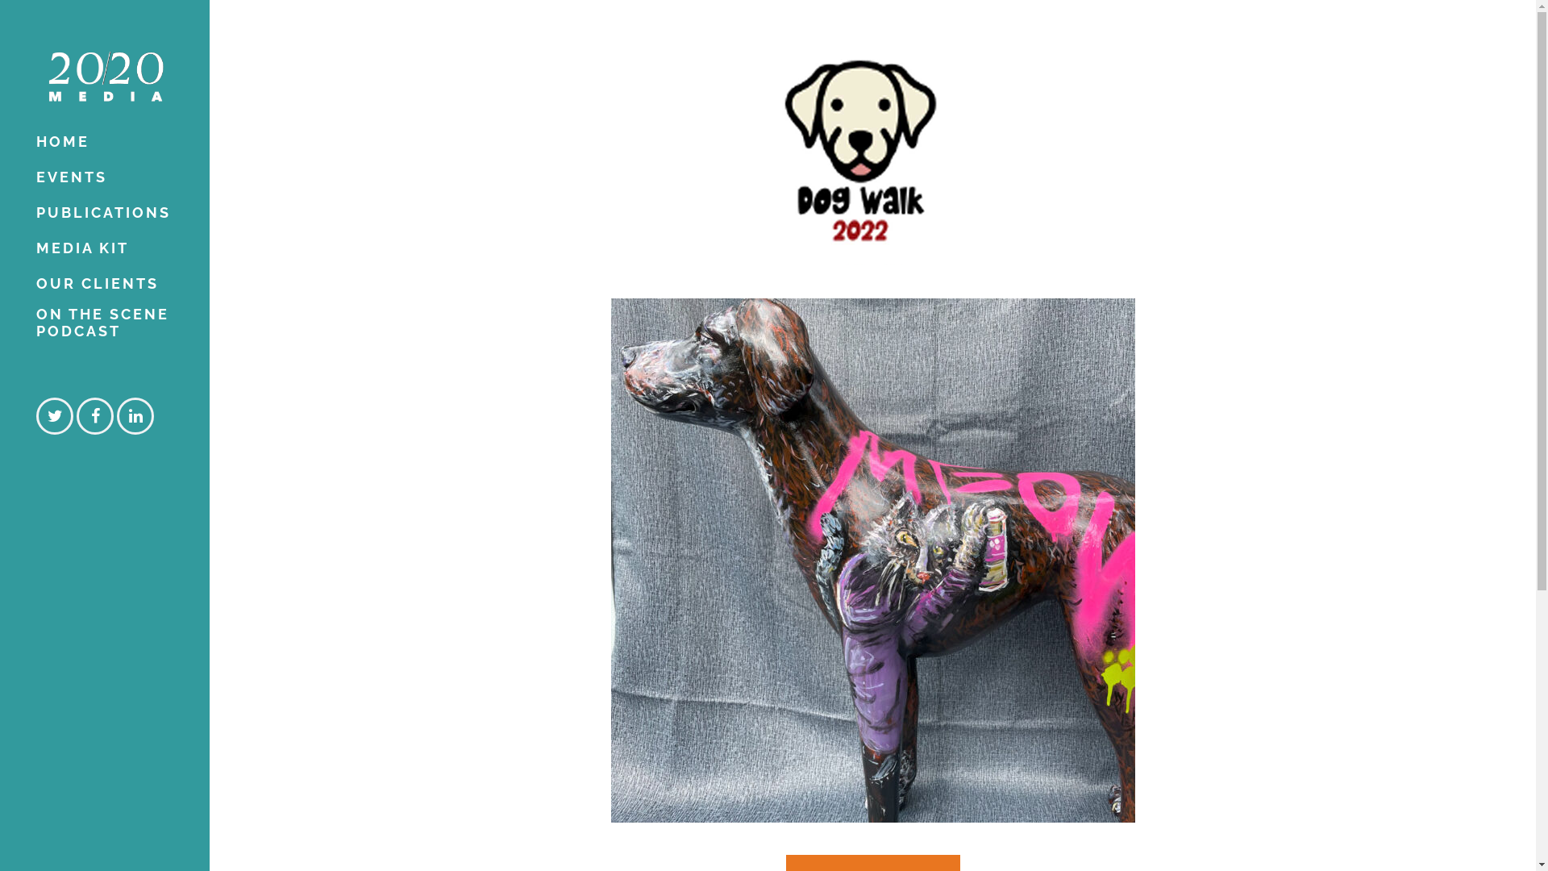 The width and height of the screenshot is (1548, 871). I want to click on 'ON THE SCENE PODCAST', so click(103, 325).